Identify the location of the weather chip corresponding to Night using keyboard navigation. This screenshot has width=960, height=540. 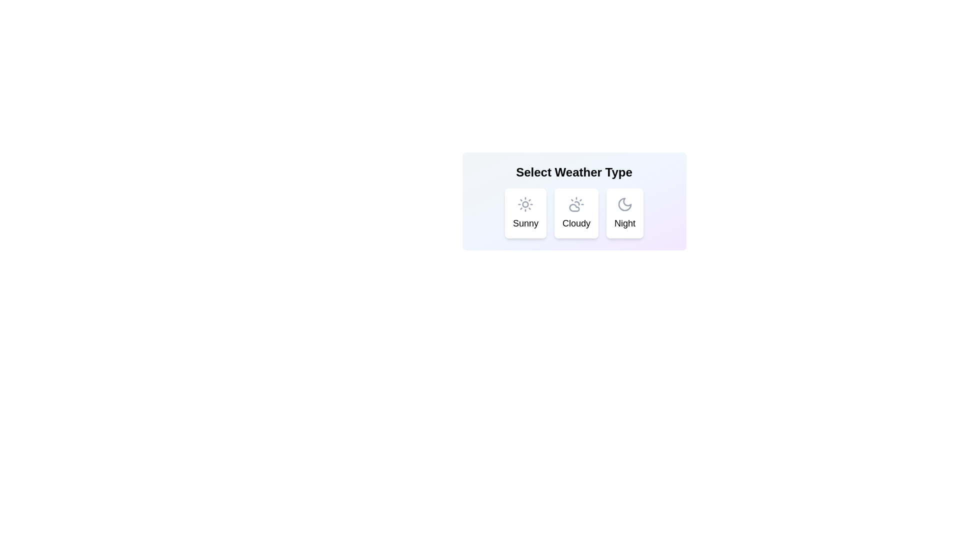
(624, 213).